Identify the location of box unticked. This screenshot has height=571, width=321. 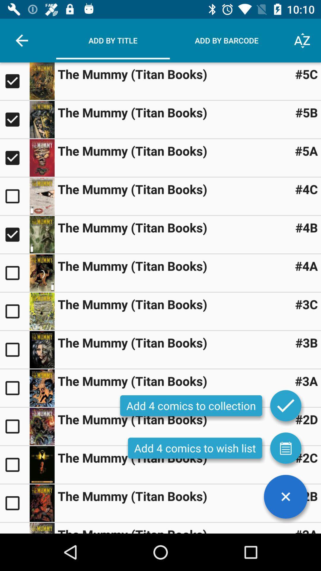
(14, 426).